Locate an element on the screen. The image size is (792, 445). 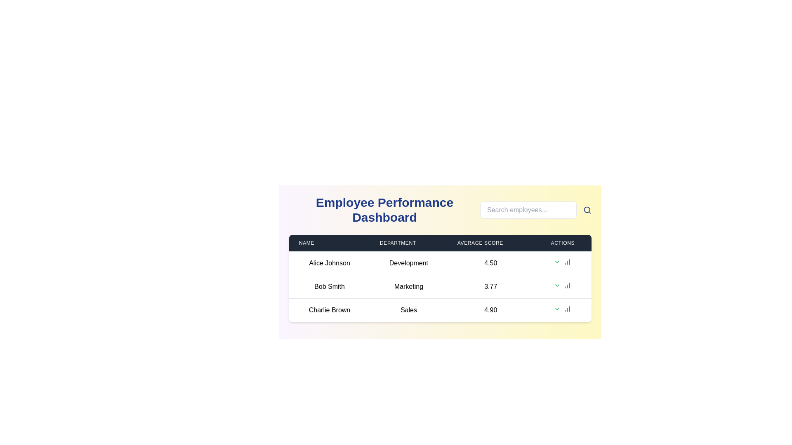
details of the first row in the table containing information about 'Alice Johnson', including her department, score, and actions is located at coordinates (440, 263).